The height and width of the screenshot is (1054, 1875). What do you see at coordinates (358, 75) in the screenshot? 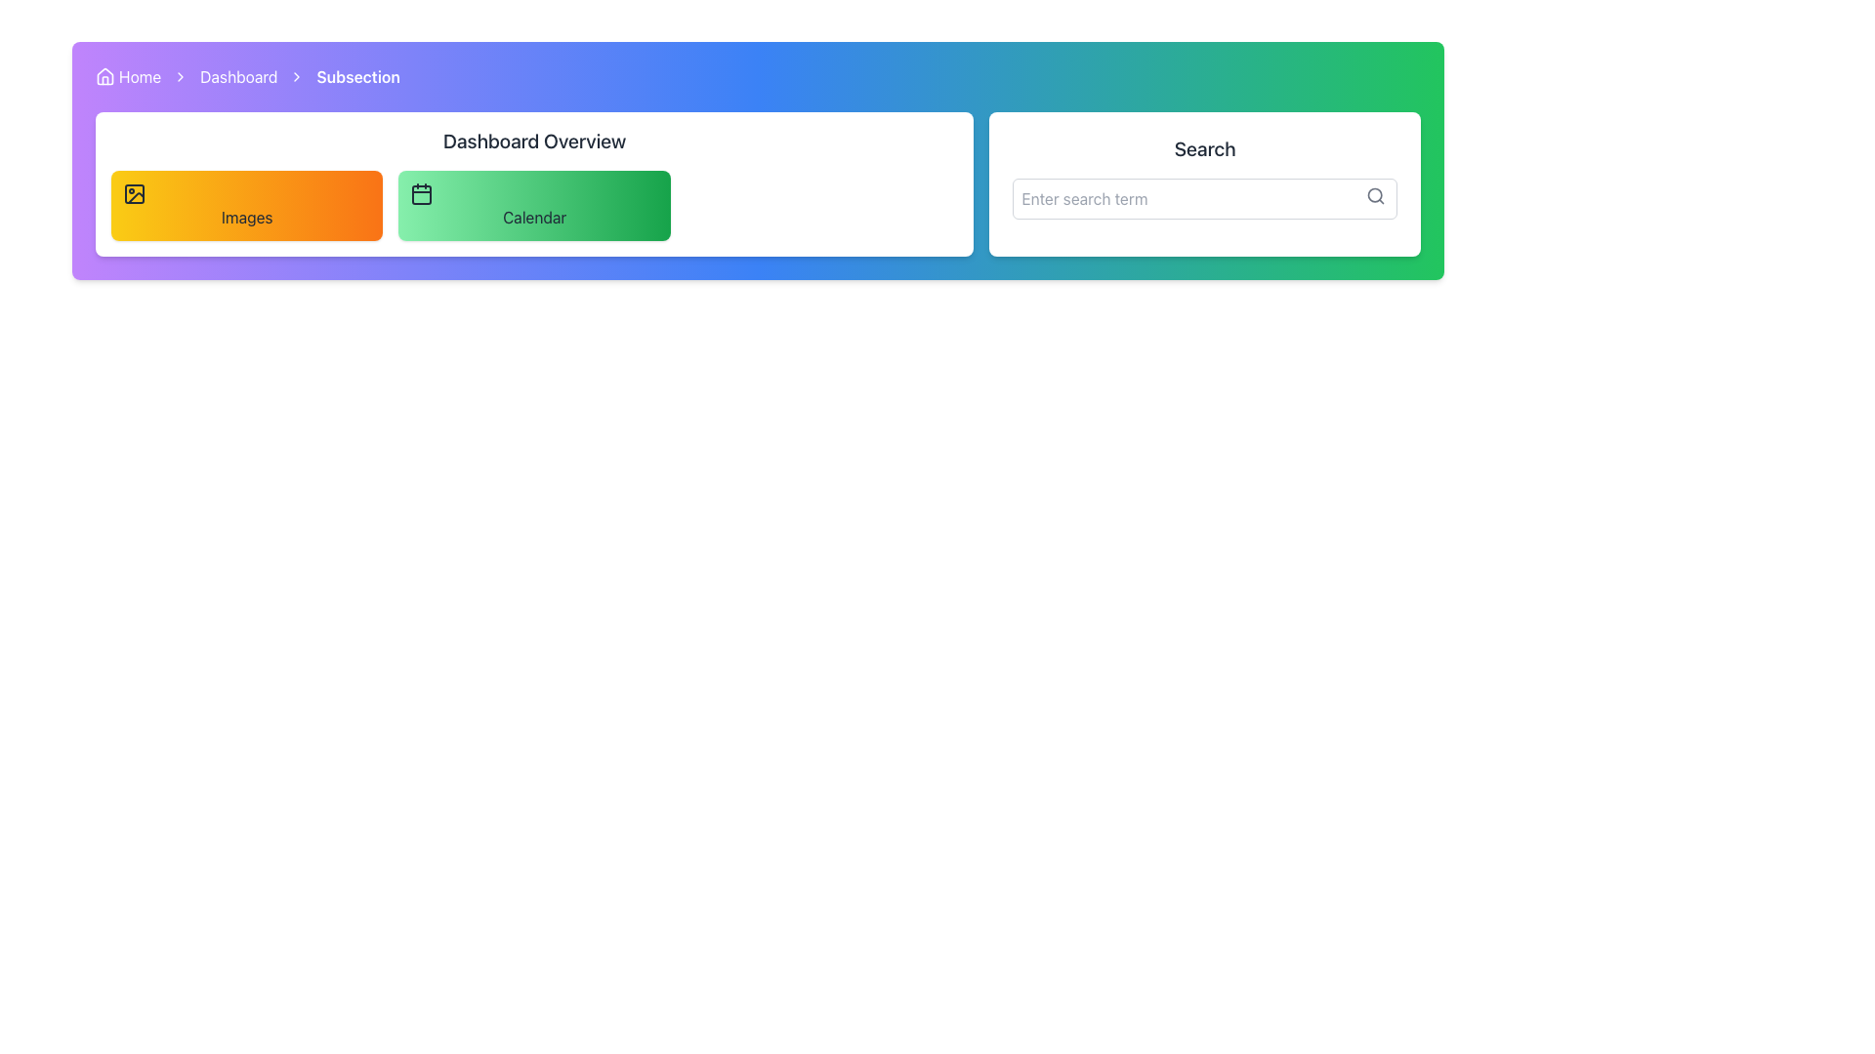
I see `the breadcrumb hierarchy by clicking on the breadcrumb navigation label located to the right of the 'Dashboard' text` at bounding box center [358, 75].